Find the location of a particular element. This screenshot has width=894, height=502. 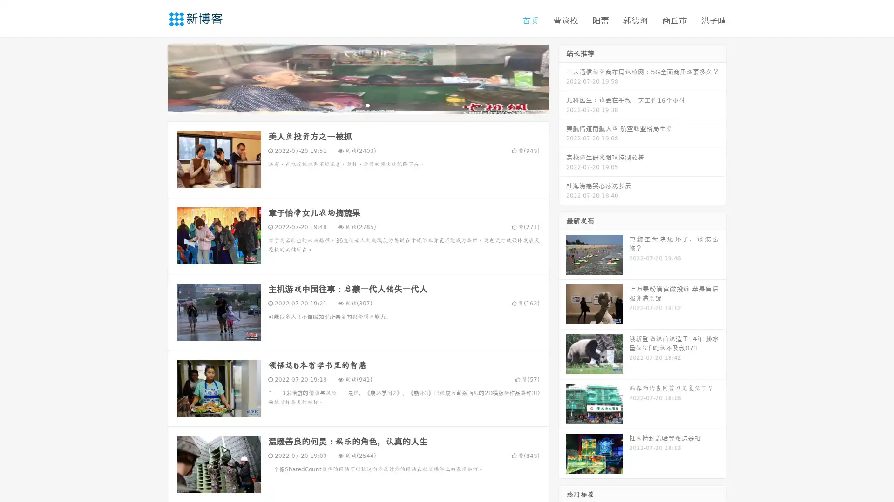

Next slide is located at coordinates (562, 78).